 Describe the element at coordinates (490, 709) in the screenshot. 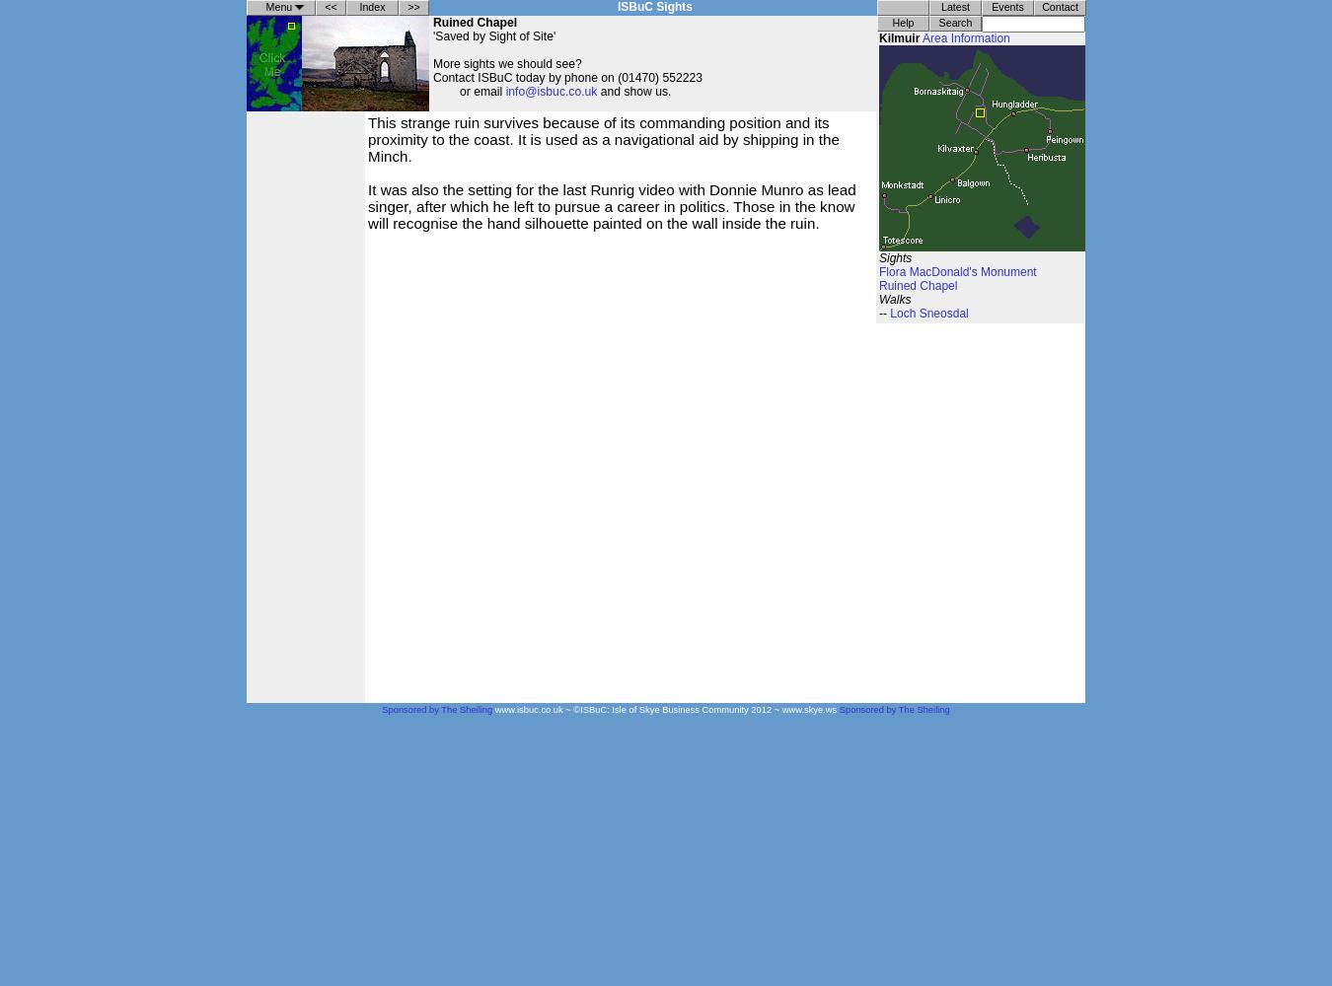

I see `'www.isbuc.co.uk ~ ©ISBuC: Isle of Skye Business Community 2012 ~ www.skye.ws'` at that location.